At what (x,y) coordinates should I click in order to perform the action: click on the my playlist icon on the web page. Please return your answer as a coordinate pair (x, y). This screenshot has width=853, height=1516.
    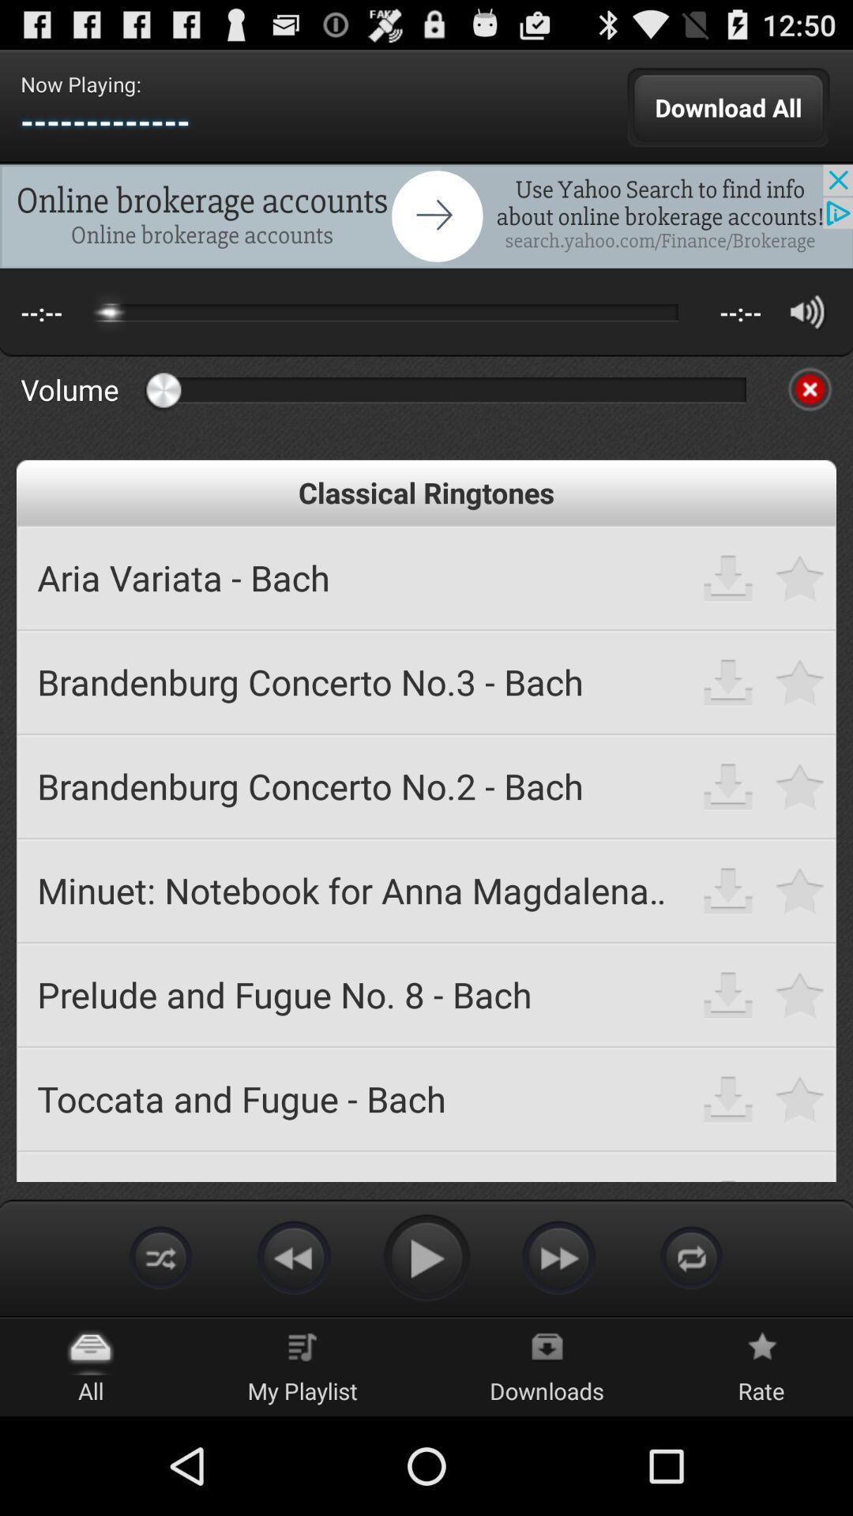
    Looking at the image, I should click on (302, 1349).